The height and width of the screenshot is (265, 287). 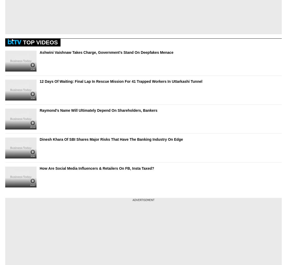 What do you see at coordinates (32, 156) in the screenshot?
I see `'9:04'` at bounding box center [32, 156].